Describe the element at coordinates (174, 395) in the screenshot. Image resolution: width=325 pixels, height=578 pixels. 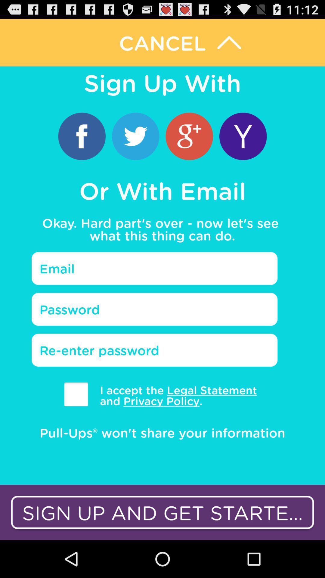
I see `the i accept the item` at that location.